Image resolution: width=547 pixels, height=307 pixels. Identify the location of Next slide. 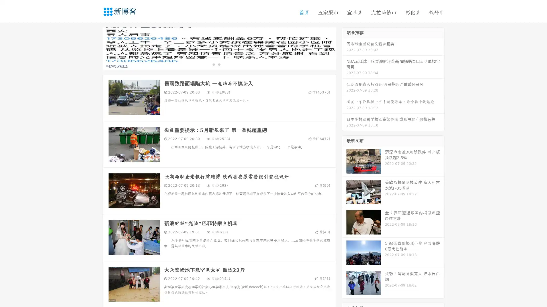
(344, 48).